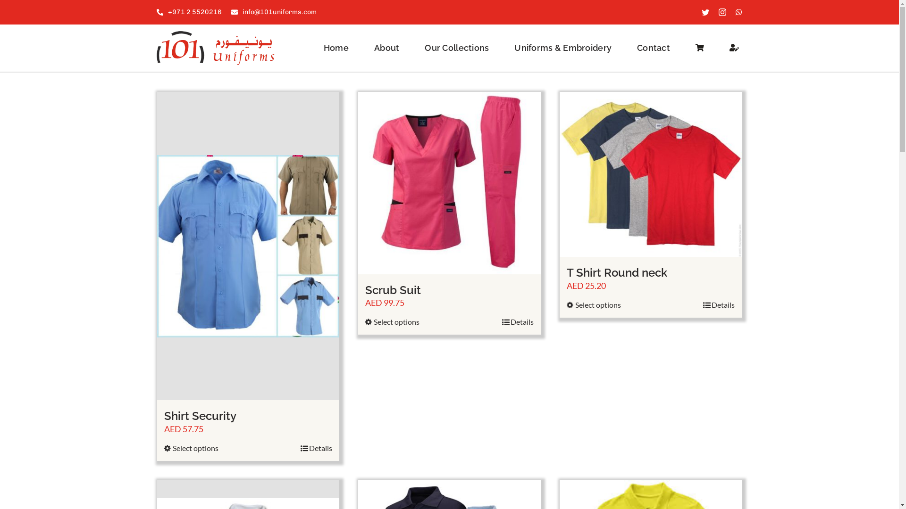  What do you see at coordinates (722, 12) in the screenshot?
I see `'Instagram'` at bounding box center [722, 12].